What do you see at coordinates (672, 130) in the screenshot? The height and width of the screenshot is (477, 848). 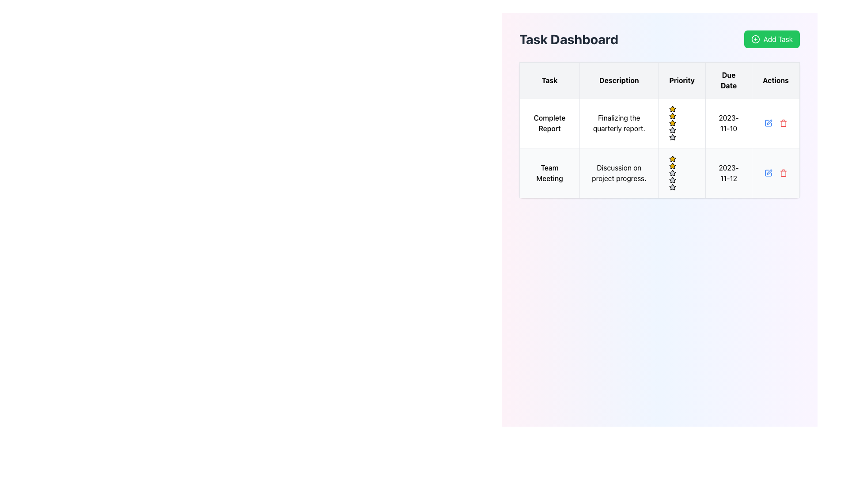 I see `the star icon representing the third level of priority rating in the 'Complete Report' row under the 'Priority' column` at bounding box center [672, 130].